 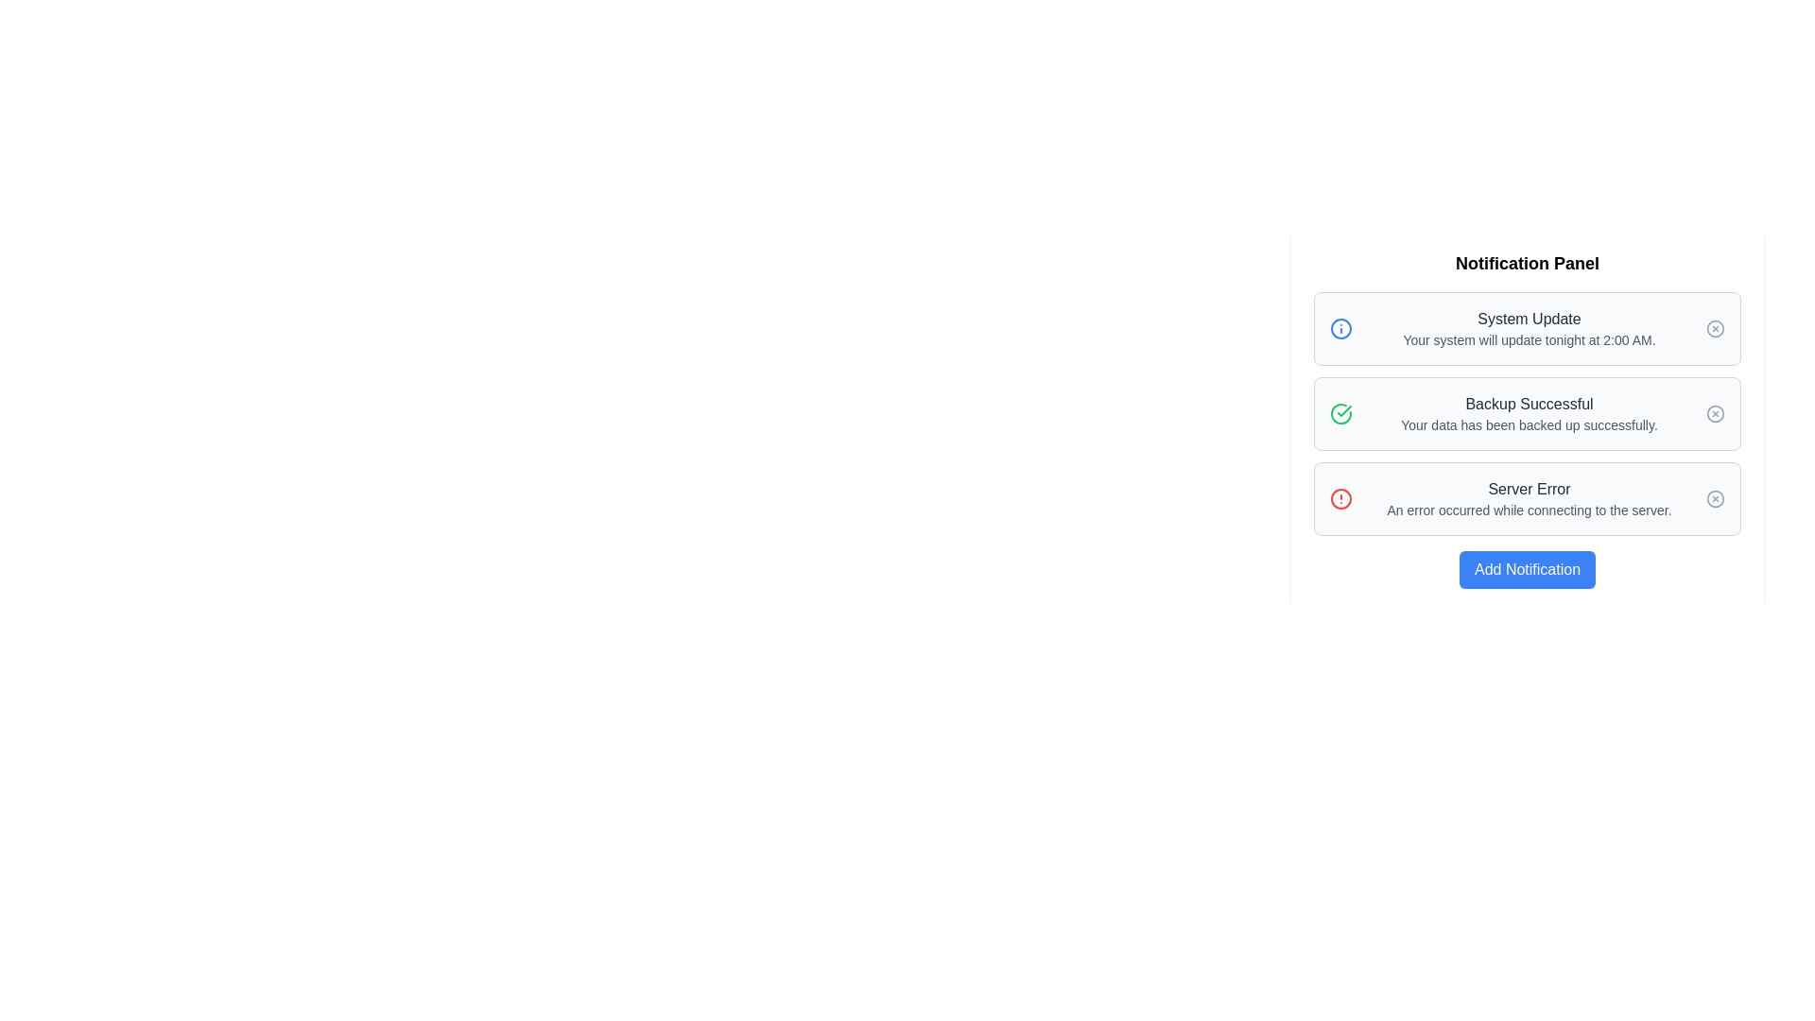 I want to click on the center of the circular close button with a gray outline and a cross inside, so click(x=1715, y=498).